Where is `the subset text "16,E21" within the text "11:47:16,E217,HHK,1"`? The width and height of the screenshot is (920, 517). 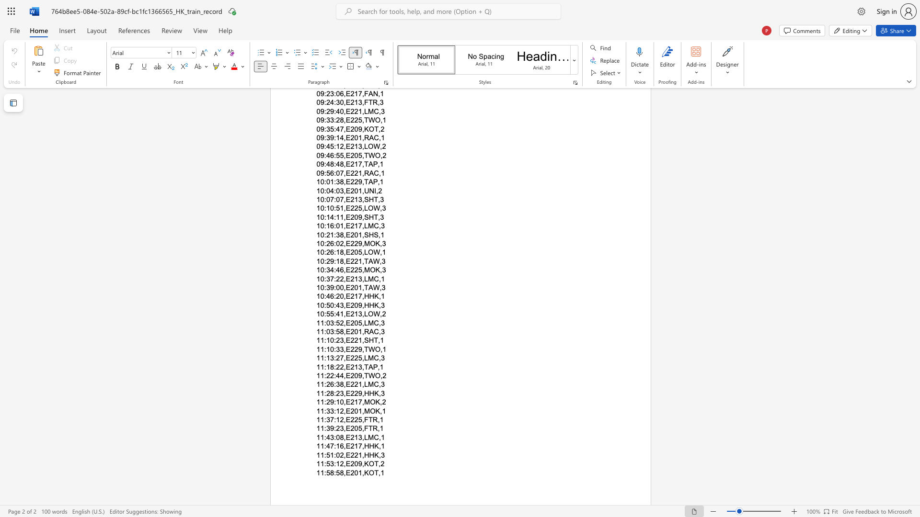
the subset text "16,E21" within the text "11:47:16,E217,HHK,1" is located at coordinates (336, 446).